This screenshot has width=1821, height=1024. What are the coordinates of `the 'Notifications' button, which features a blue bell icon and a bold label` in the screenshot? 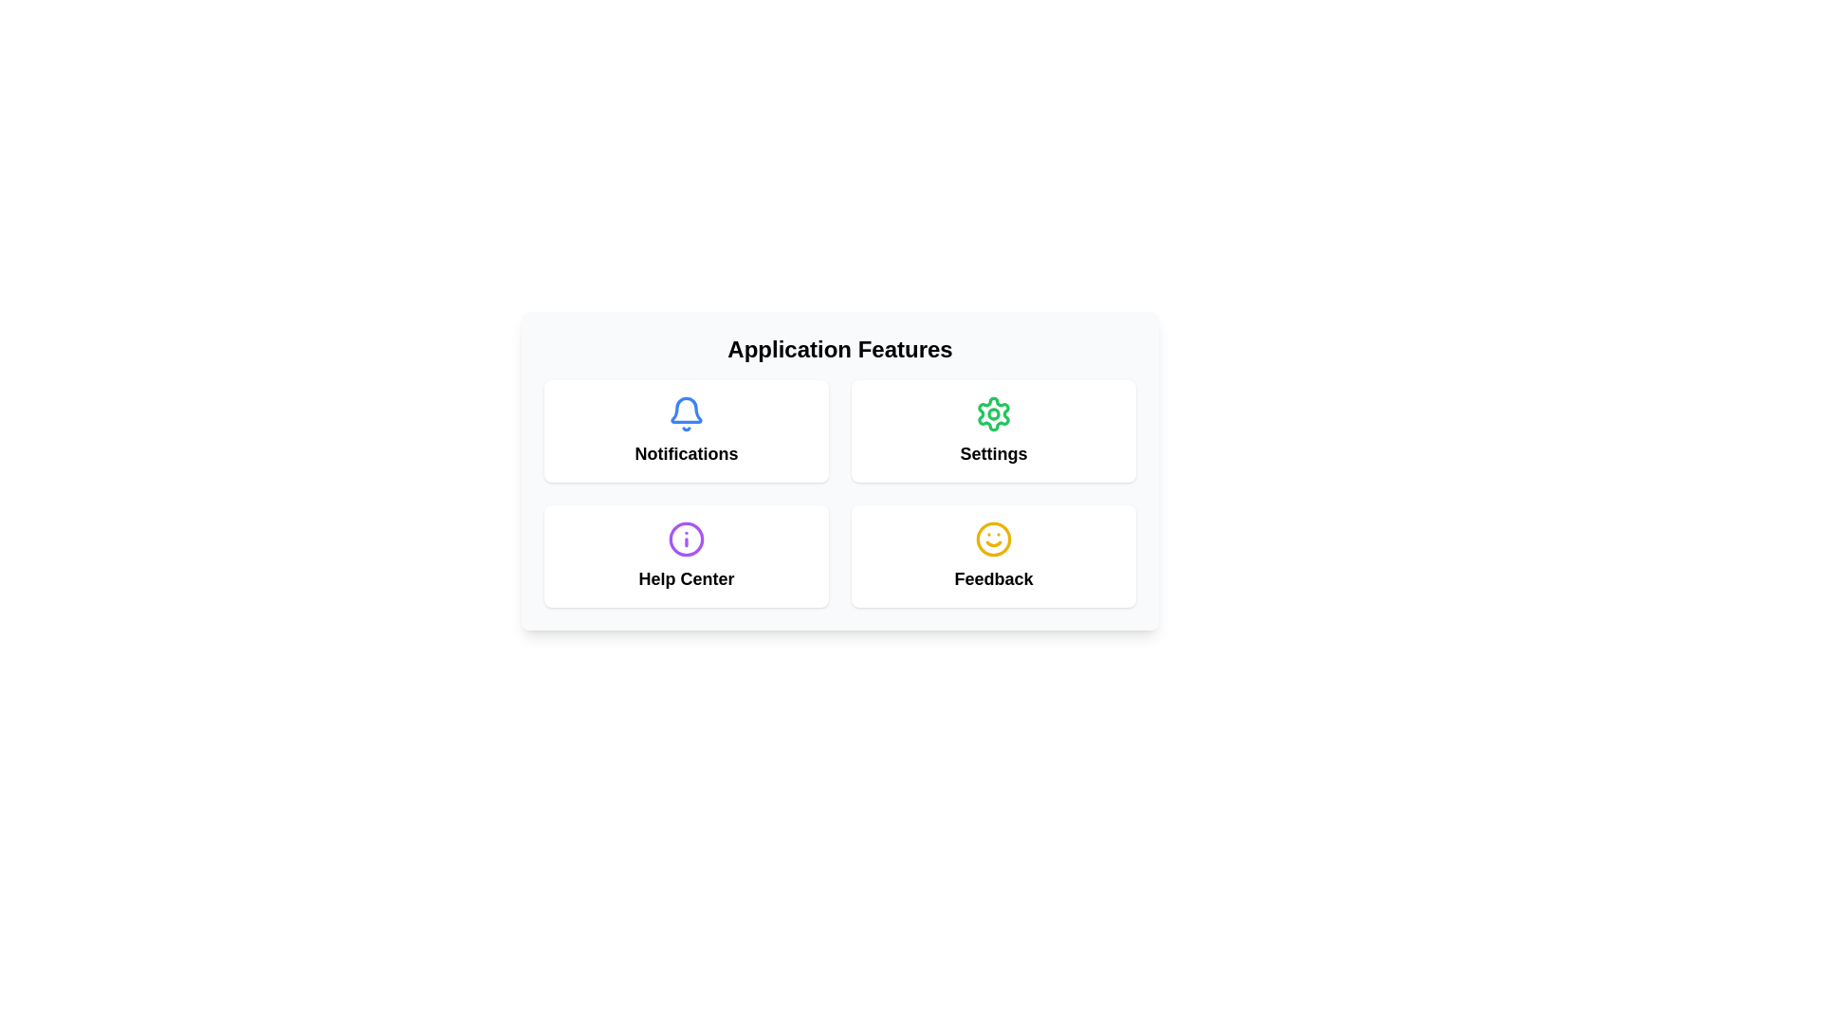 It's located at (686, 431).